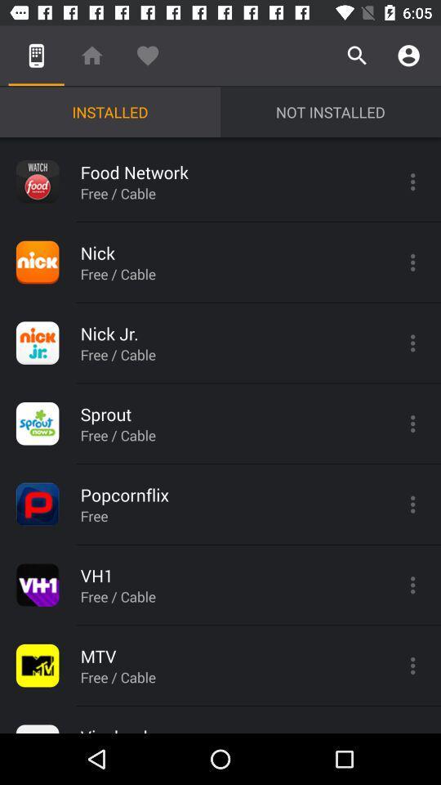 This screenshot has width=441, height=785. Describe the element at coordinates (91, 56) in the screenshot. I see `the item above the installed icon` at that location.